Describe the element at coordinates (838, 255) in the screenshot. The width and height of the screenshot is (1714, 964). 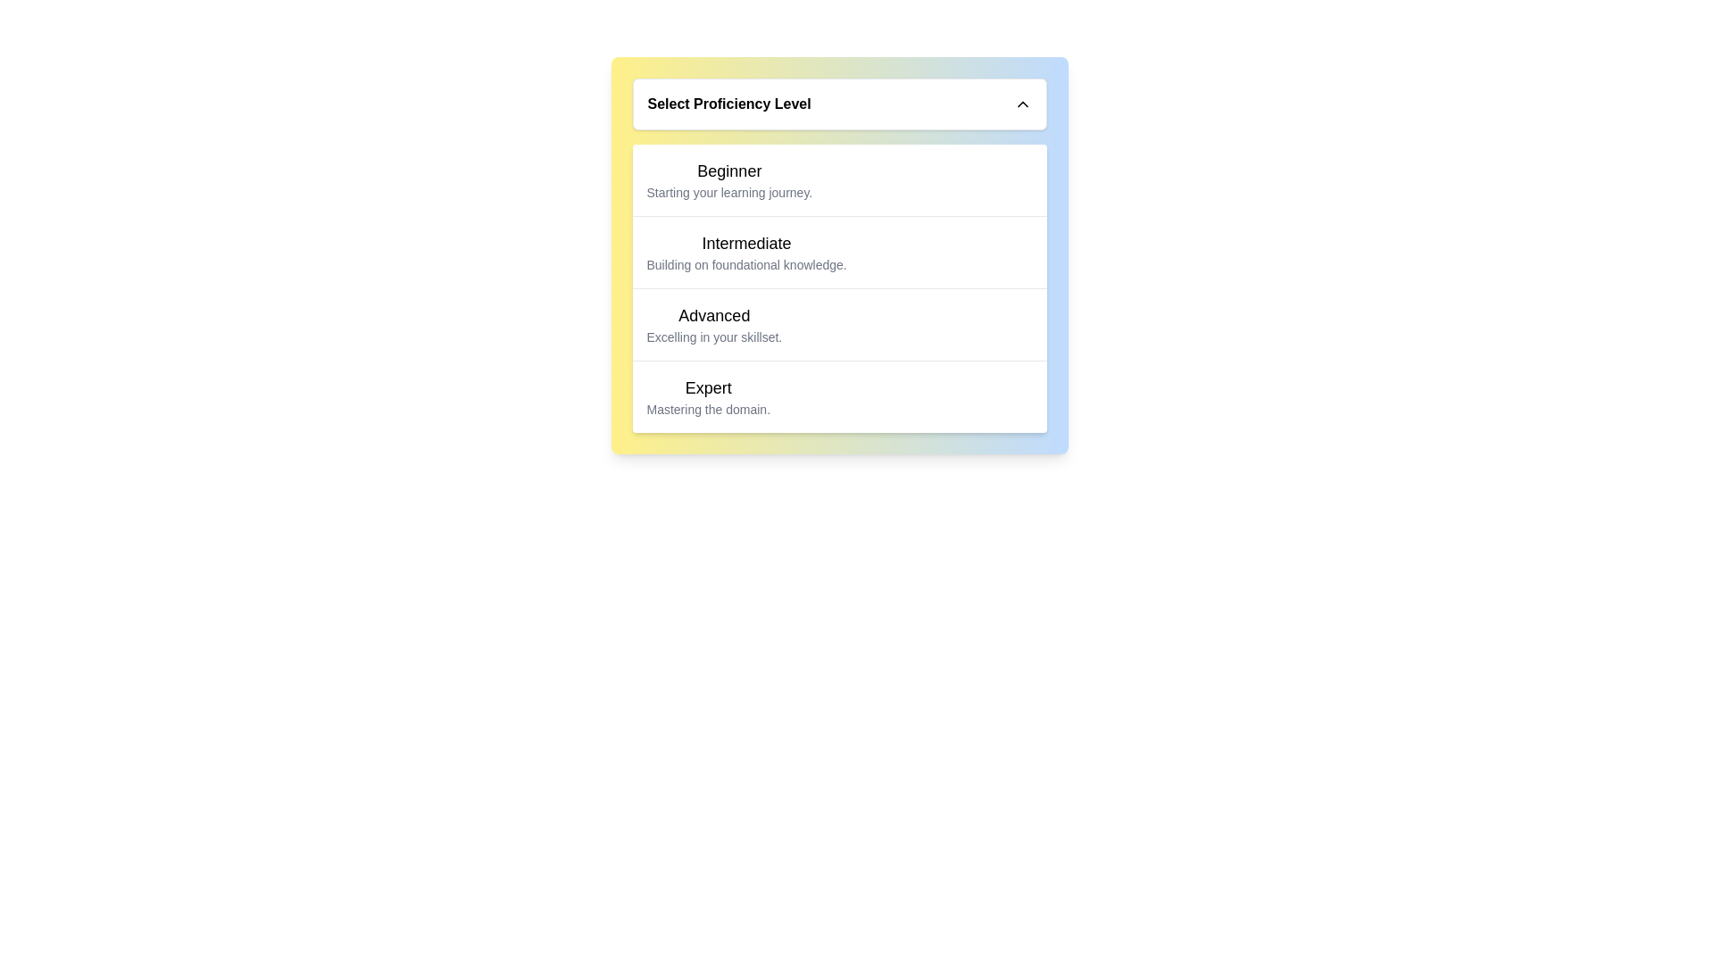
I see `the Dropdown menu which is centrally located and allows users to select a proficiency level` at that location.